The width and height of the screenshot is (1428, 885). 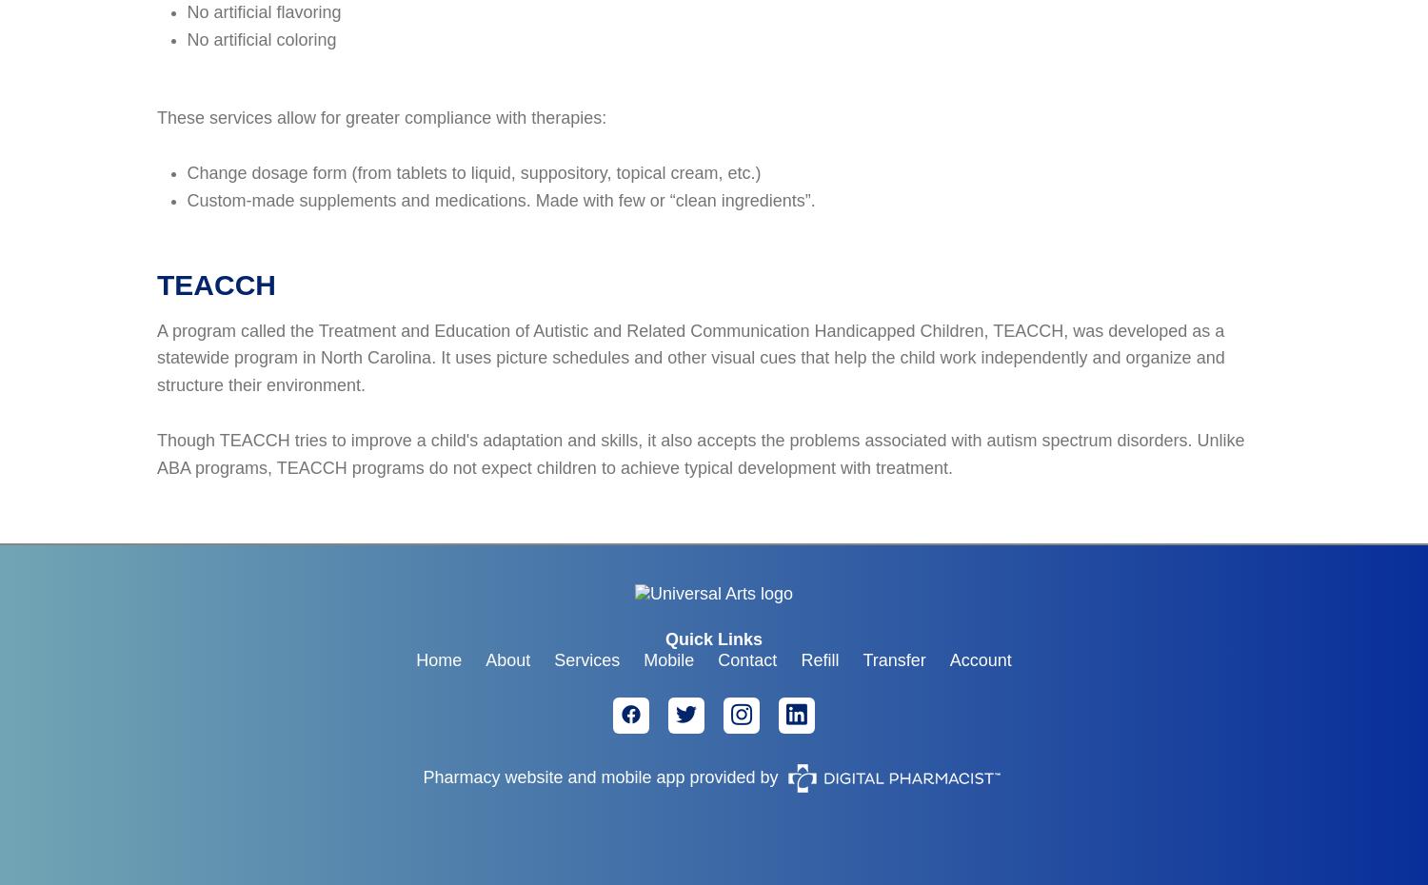 What do you see at coordinates (552, 775) in the screenshot?
I see `'Pharmacy website and mobile app'` at bounding box center [552, 775].